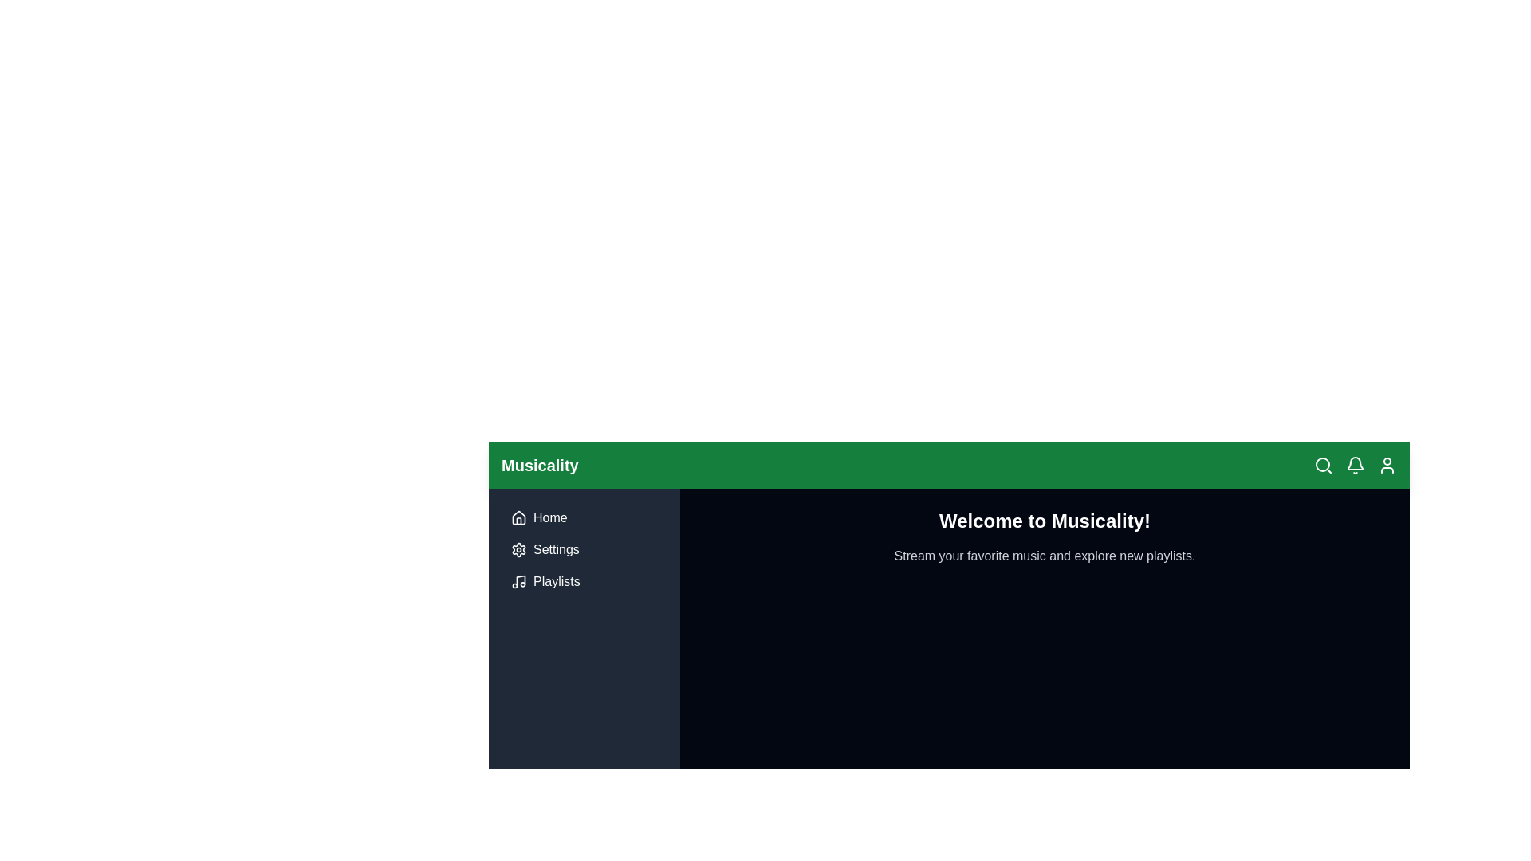 The width and height of the screenshot is (1531, 861). Describe the element at coordinates (584, 581) in the screenshot. I see `the navigation button located in the vertical menu on the left side of the interface` at that location.